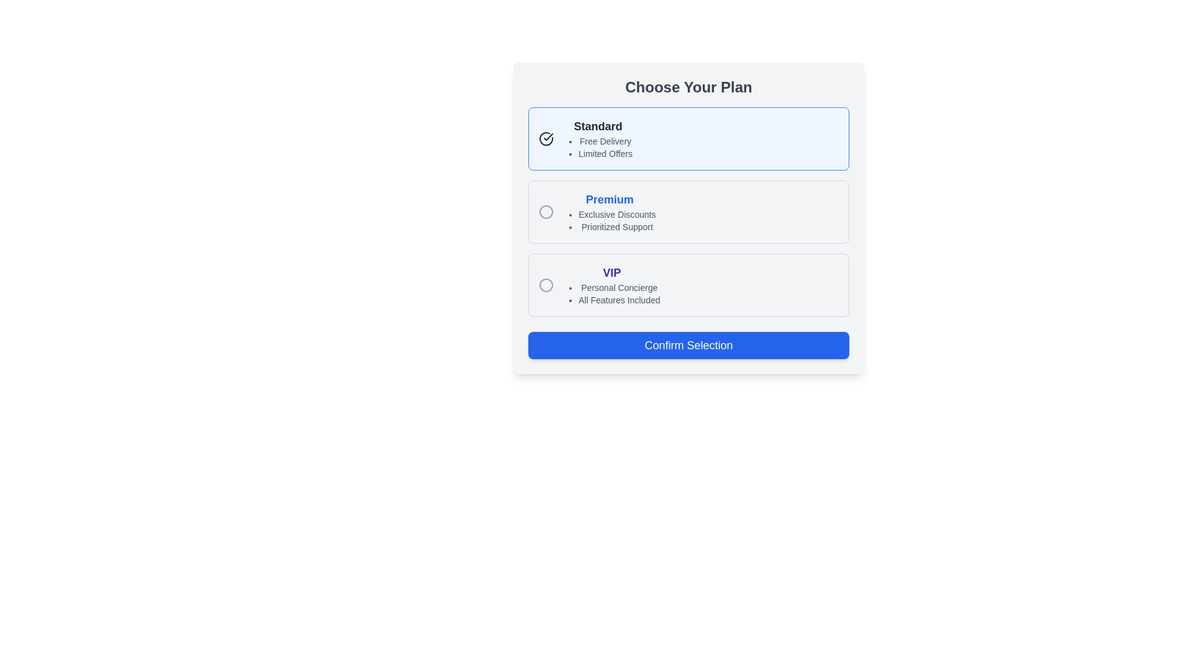 The width and height of the screenshot is (1192, 670). Describe the element at coordinates (546, 212) in the screenshot. I see `the radio button indicator (circle)` at that location.